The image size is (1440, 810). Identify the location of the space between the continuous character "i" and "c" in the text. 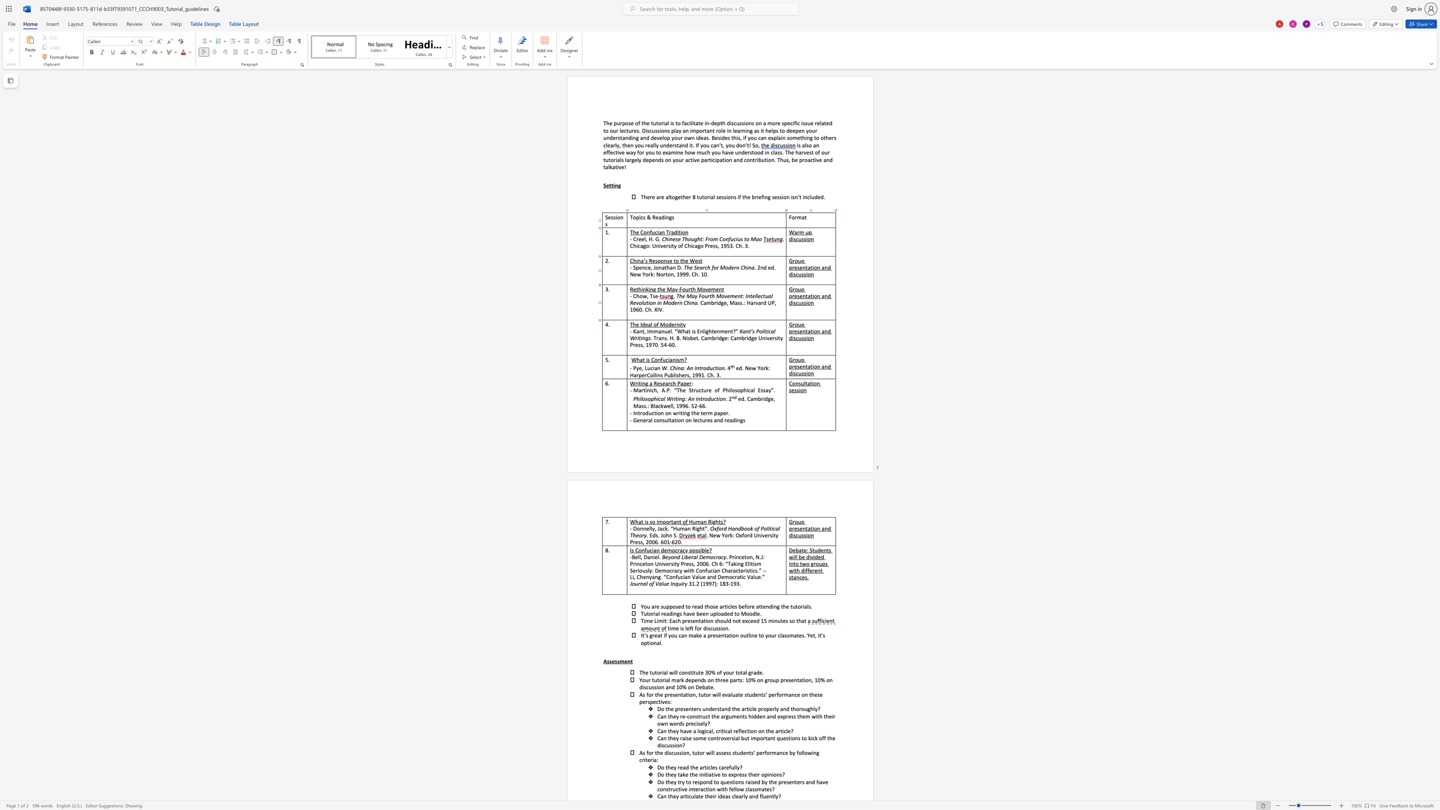
(768, 330).